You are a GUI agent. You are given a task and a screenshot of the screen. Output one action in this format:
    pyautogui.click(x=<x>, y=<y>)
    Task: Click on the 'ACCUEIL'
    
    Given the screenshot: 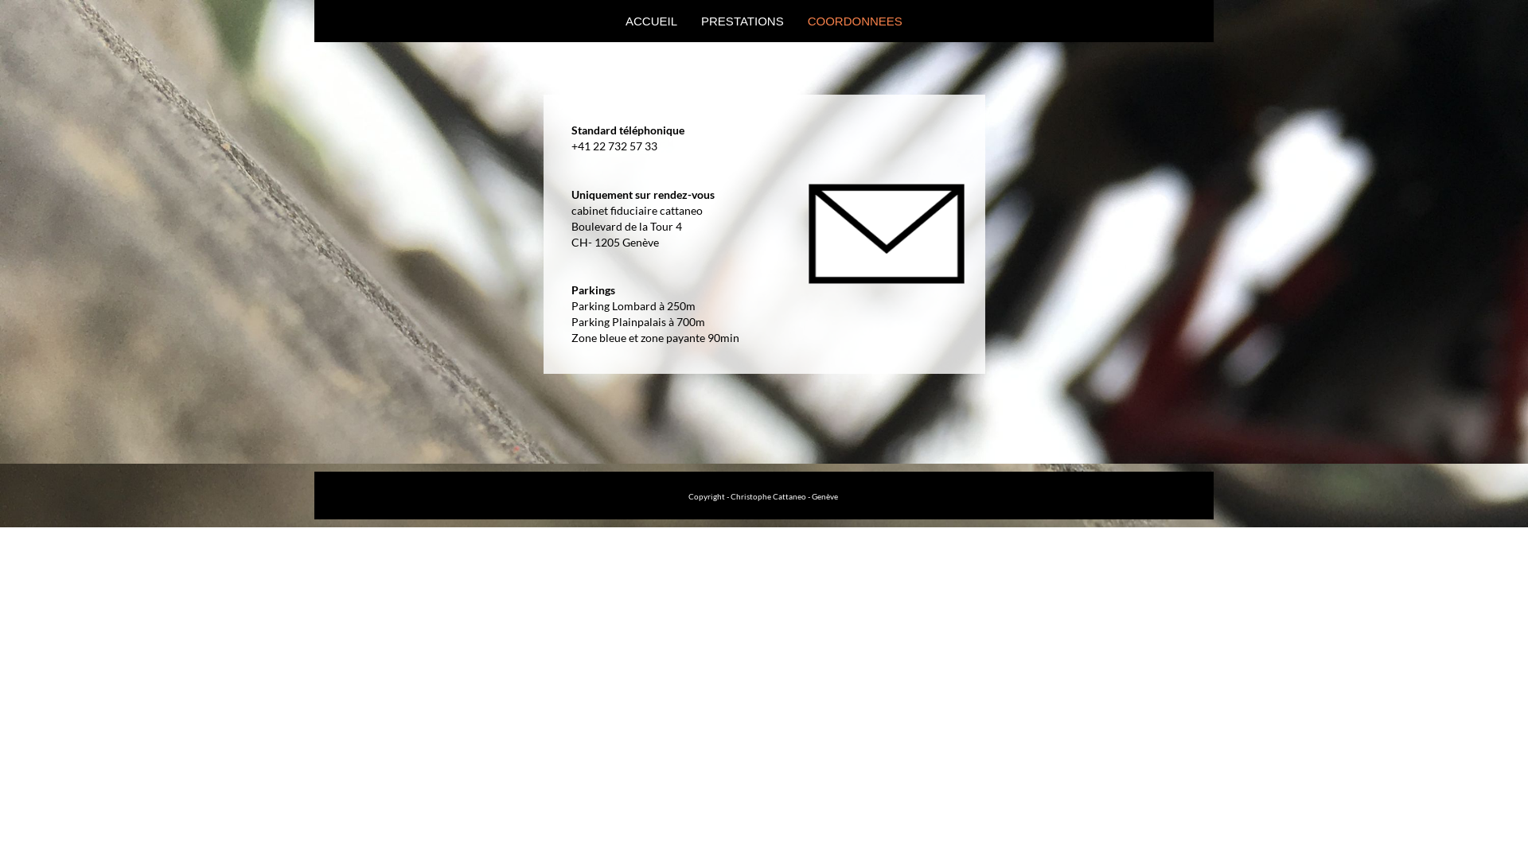 What is the action you would take?
    pyautogui.click(x=613, y=21)
    